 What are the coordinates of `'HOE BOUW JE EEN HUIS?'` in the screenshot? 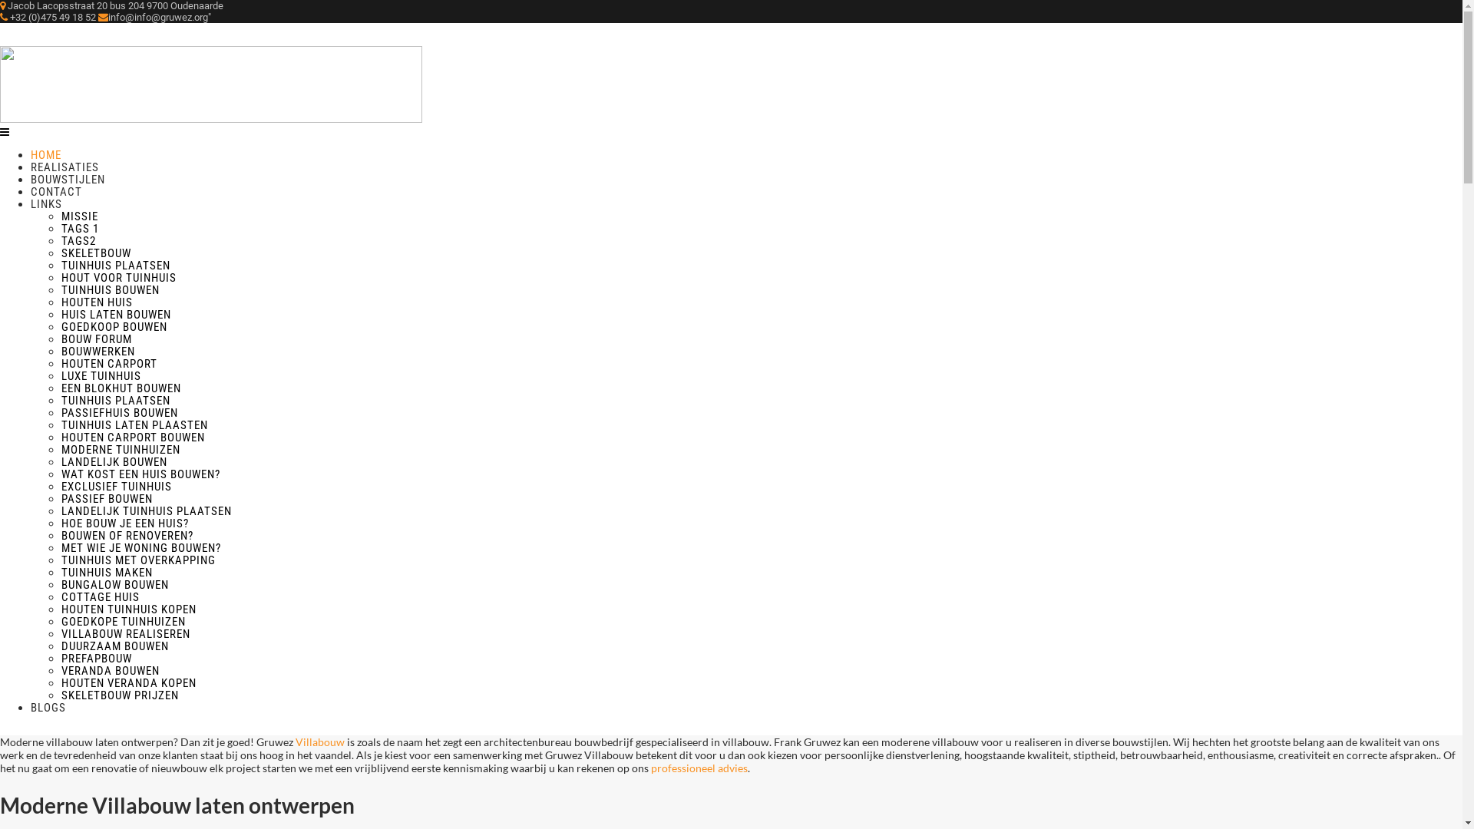 It's located at (125, 523).